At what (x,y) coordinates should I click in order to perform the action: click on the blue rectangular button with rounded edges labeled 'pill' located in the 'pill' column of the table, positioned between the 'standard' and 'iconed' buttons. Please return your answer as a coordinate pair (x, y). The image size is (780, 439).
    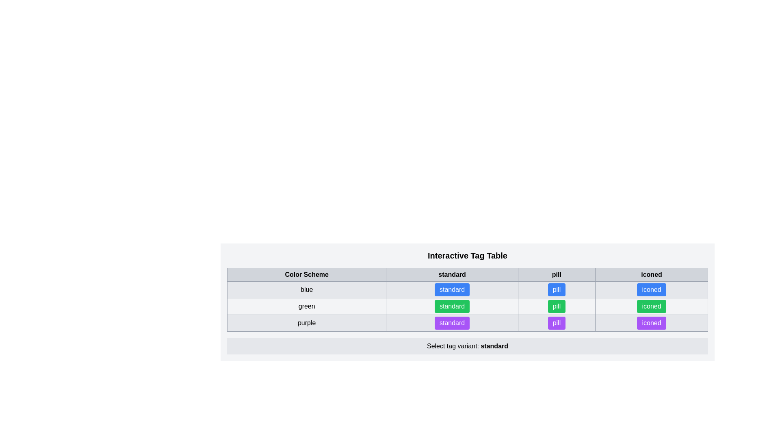
    Looking at the image, I should click on (556, 289).